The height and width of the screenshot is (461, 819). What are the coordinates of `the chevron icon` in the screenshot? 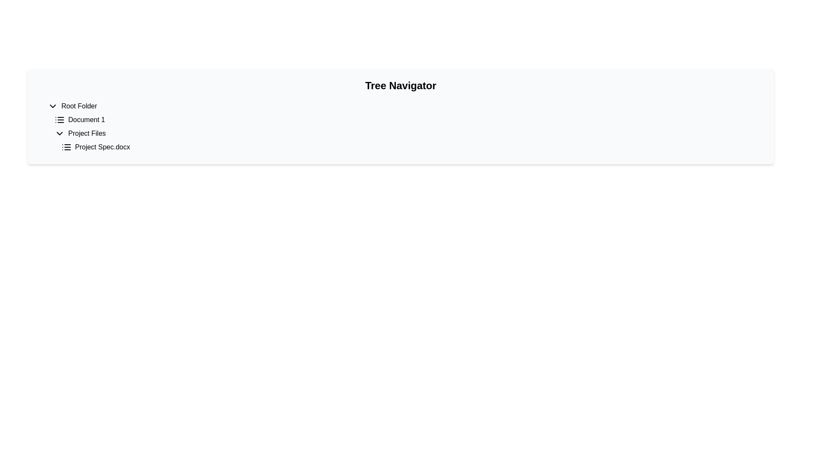 It's located at (52, 106).